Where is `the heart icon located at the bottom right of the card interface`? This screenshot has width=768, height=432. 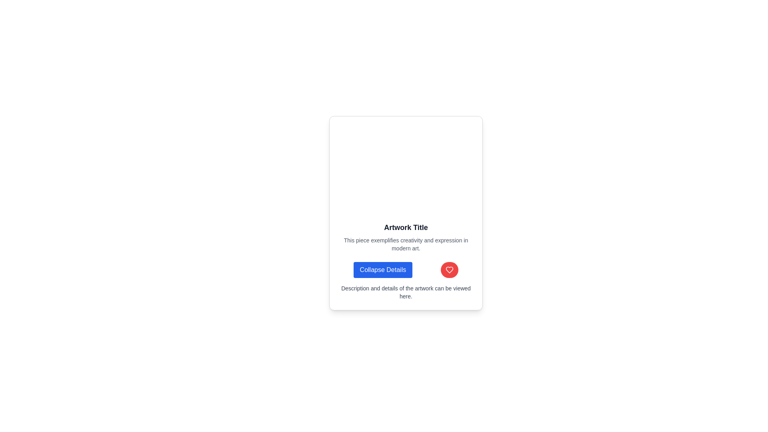
the heart icon located at the bottom right of the card interface is located at coordinates (450, 270).